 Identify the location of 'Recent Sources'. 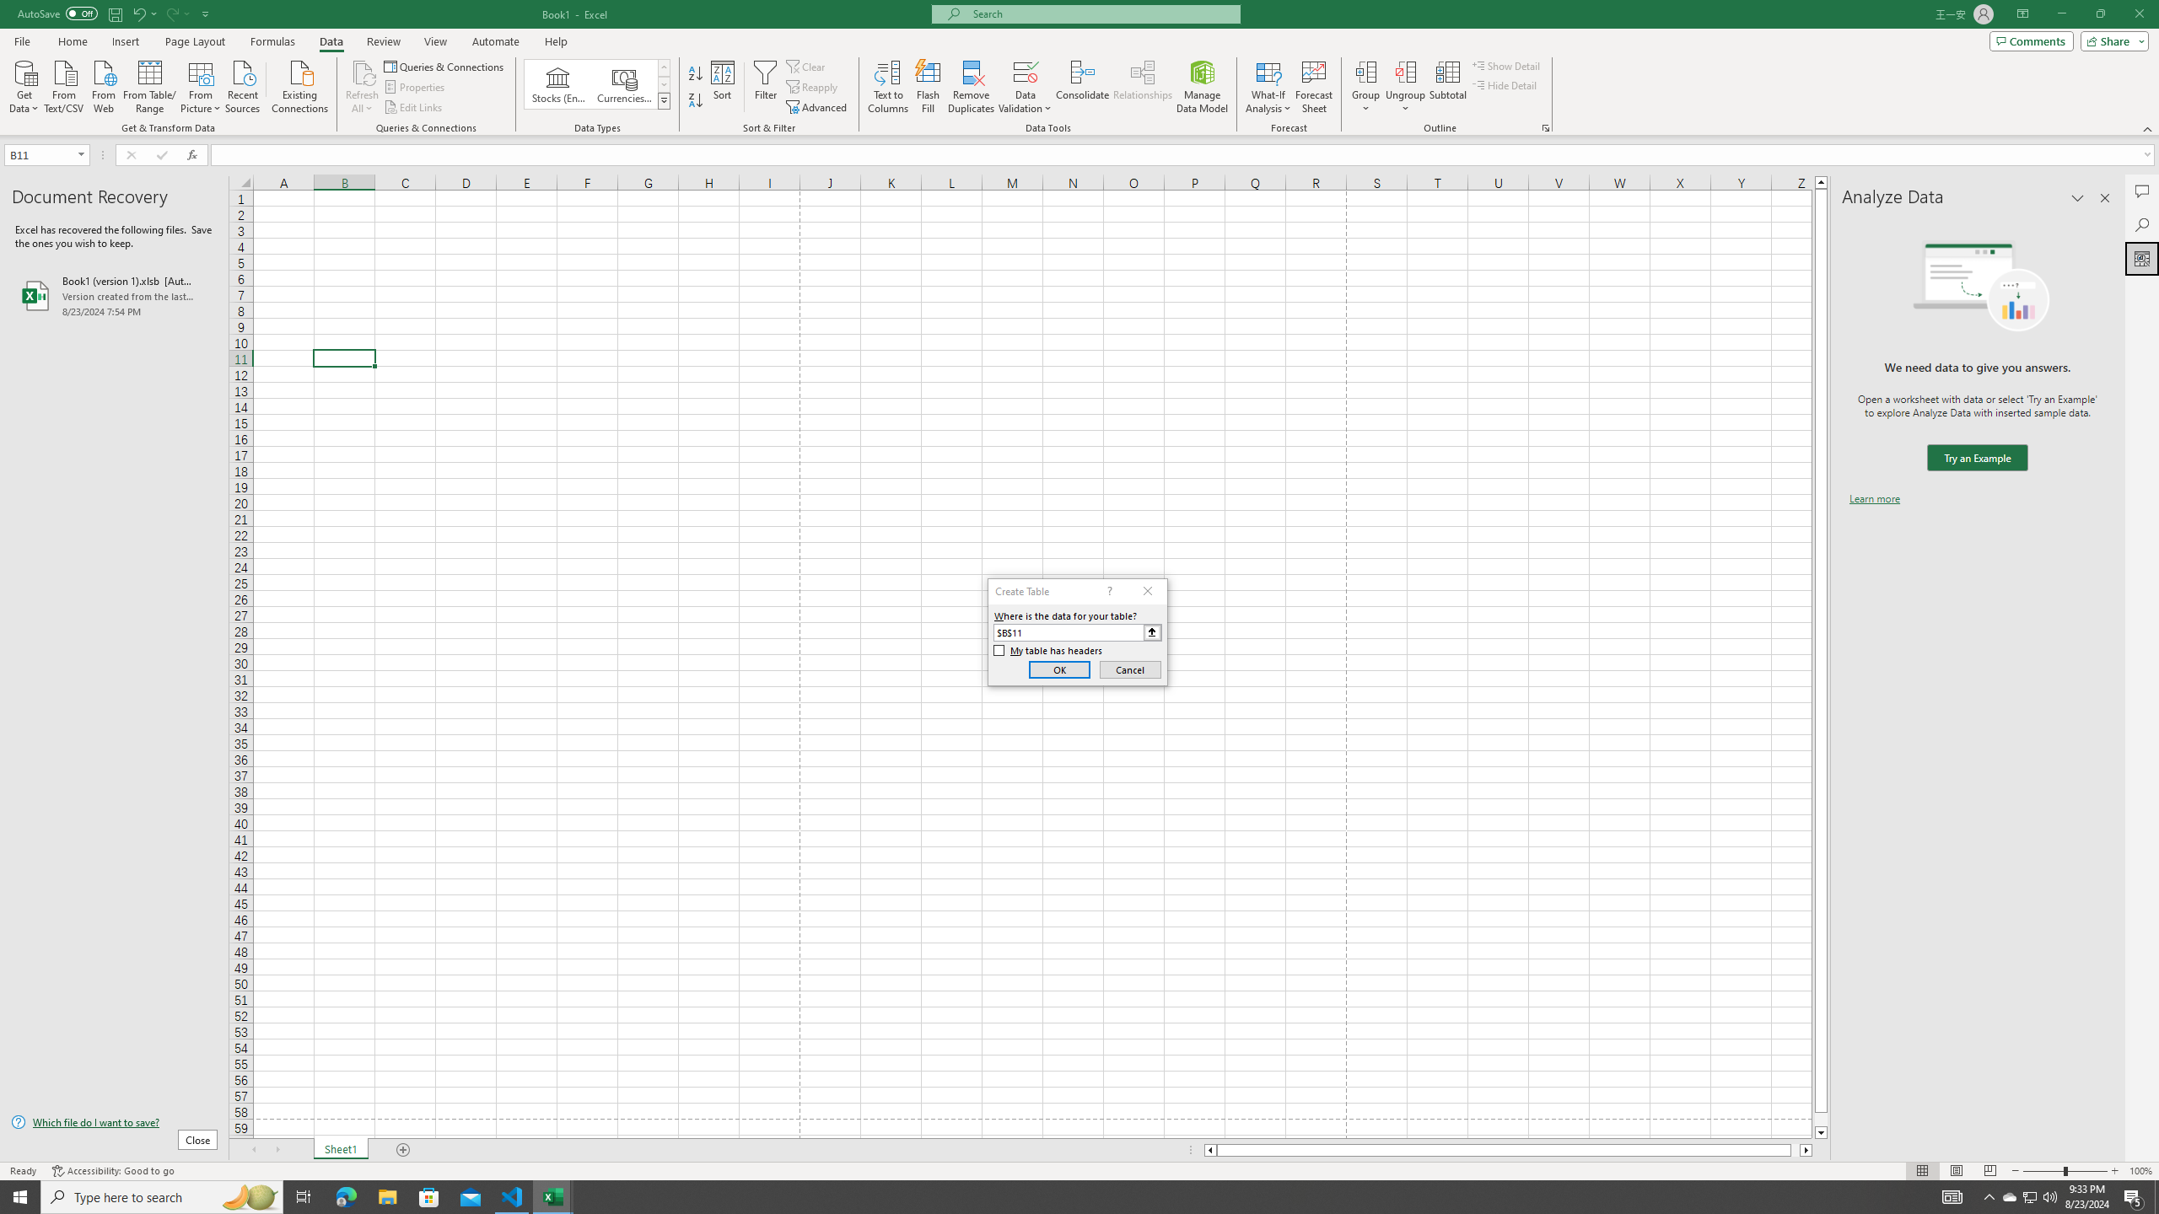
(243, 84).